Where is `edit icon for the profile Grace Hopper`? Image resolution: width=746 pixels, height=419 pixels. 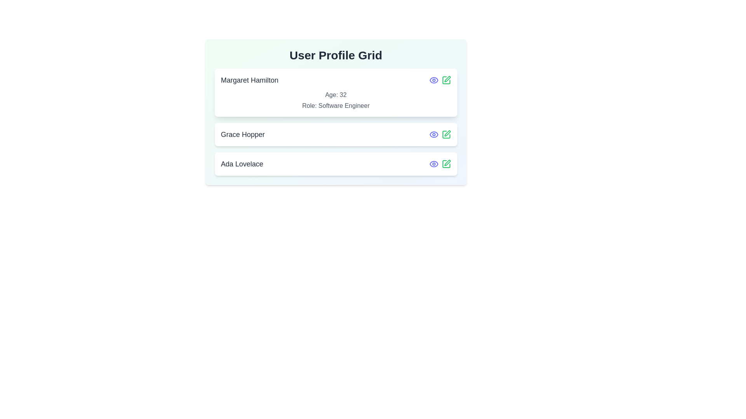
edit icon for the profile Grace Hopper is located at coordinates (446, 134).